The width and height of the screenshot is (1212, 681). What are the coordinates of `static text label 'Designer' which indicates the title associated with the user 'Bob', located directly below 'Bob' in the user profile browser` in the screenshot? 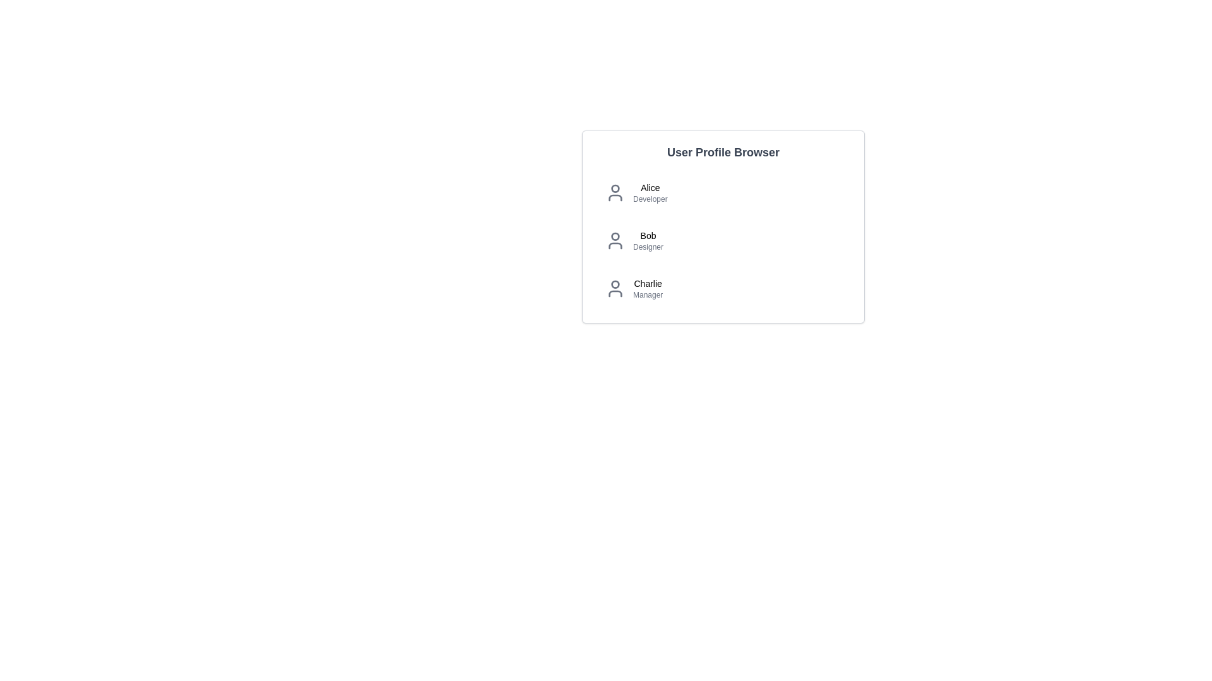 It's located at (648, 247).